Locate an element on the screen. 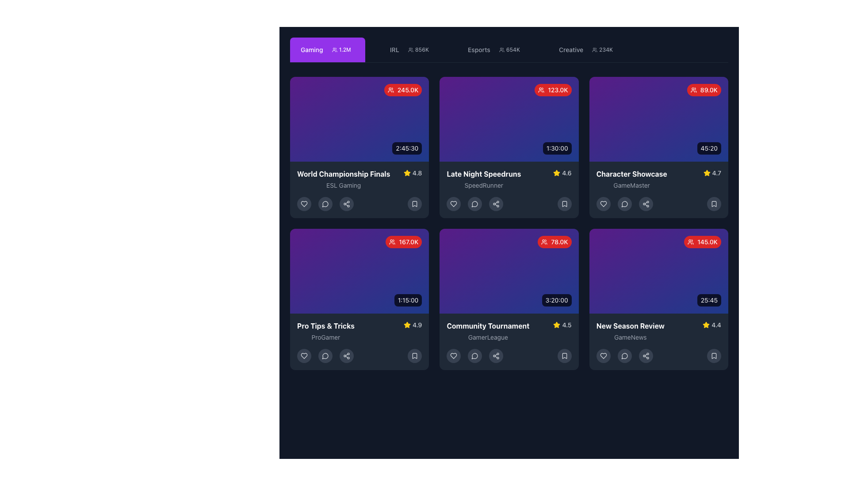  the user presence icon located in the header section of the 'Esports' tab, which is positioned to the left of the count '654K' in the navigation bar is located at coordinates (501, 49).